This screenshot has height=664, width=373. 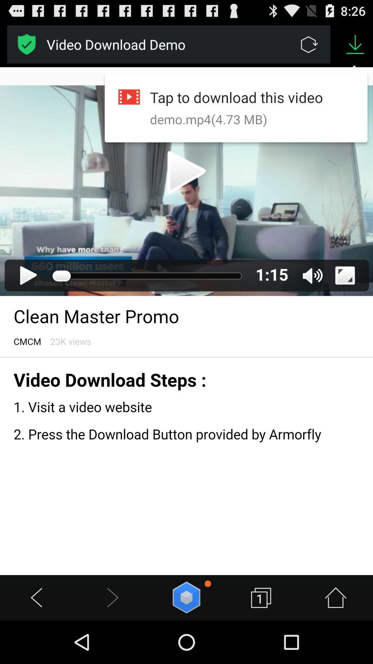 What do you see at coordinates (26, 47) in the screenshot?
I see `the check icon` at bounding box center [26, 47].